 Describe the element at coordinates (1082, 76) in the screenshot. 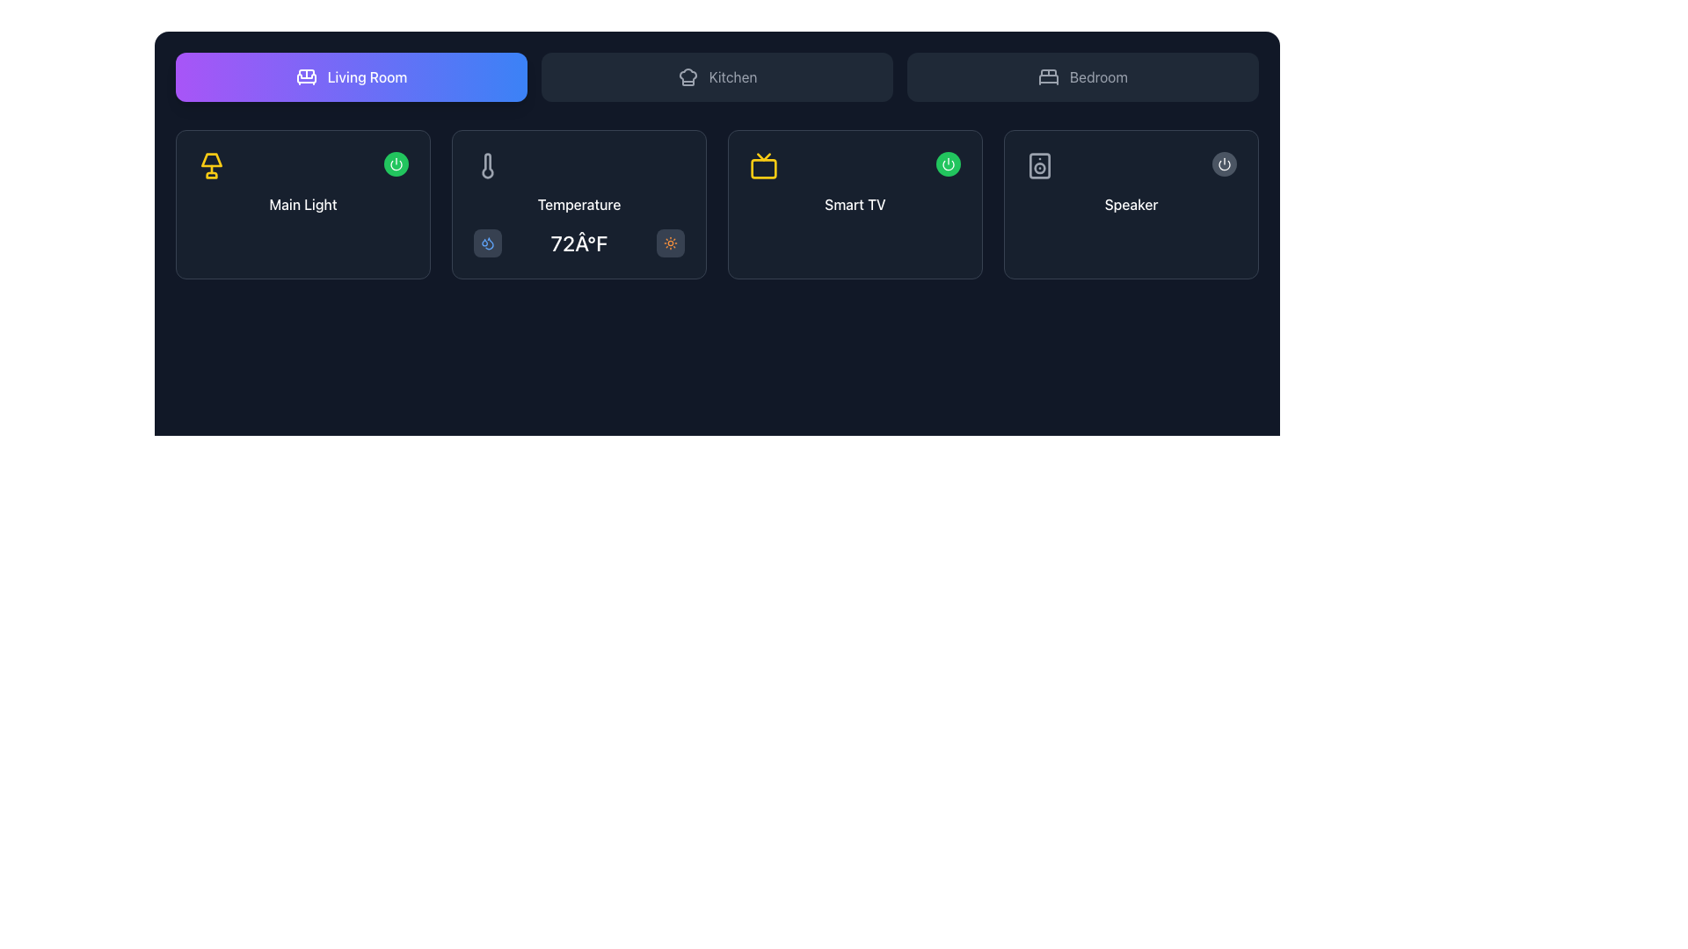

I see `the 'Bedroom' button, which is the third button in a row located near the upper-right corner of the interface` at that location.